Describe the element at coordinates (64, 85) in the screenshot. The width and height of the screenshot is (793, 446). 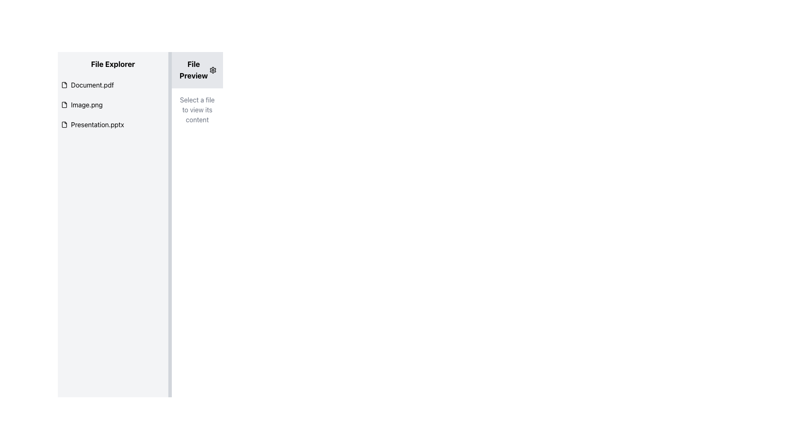
I see `the rectangular file icon, which resembles a document with a bent top-right corner` at that location.